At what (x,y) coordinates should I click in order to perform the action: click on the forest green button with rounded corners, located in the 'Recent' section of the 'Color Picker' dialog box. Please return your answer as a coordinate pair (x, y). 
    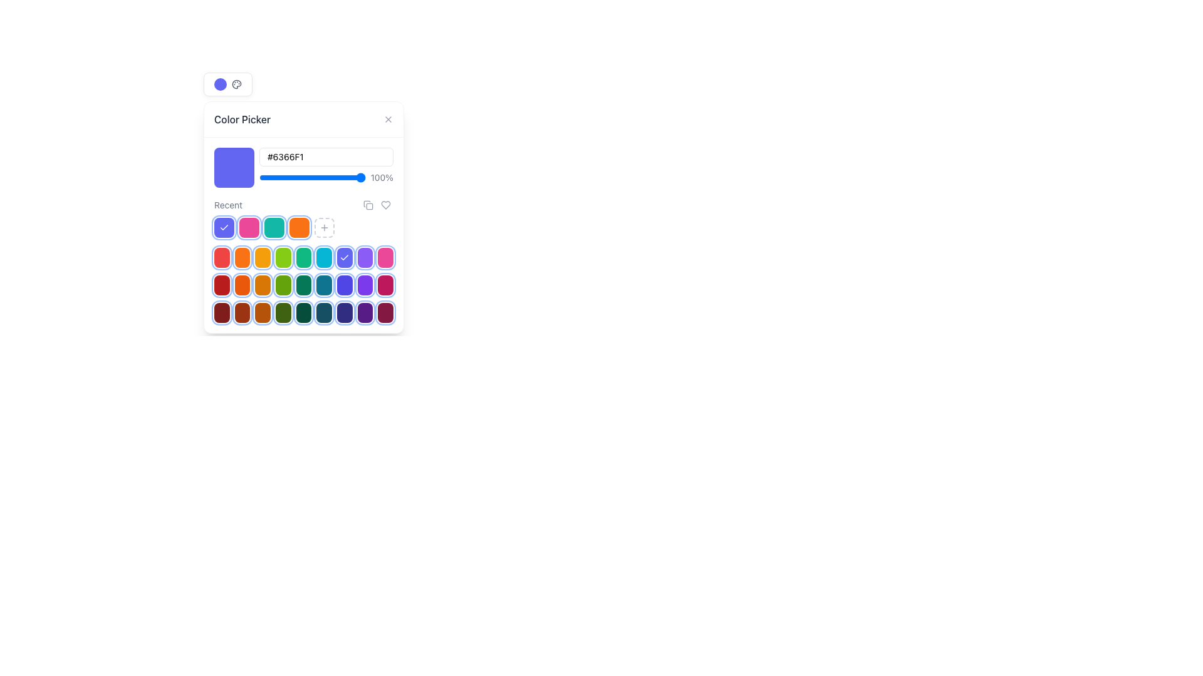
    Looking at the image, I should click on (303, 312).